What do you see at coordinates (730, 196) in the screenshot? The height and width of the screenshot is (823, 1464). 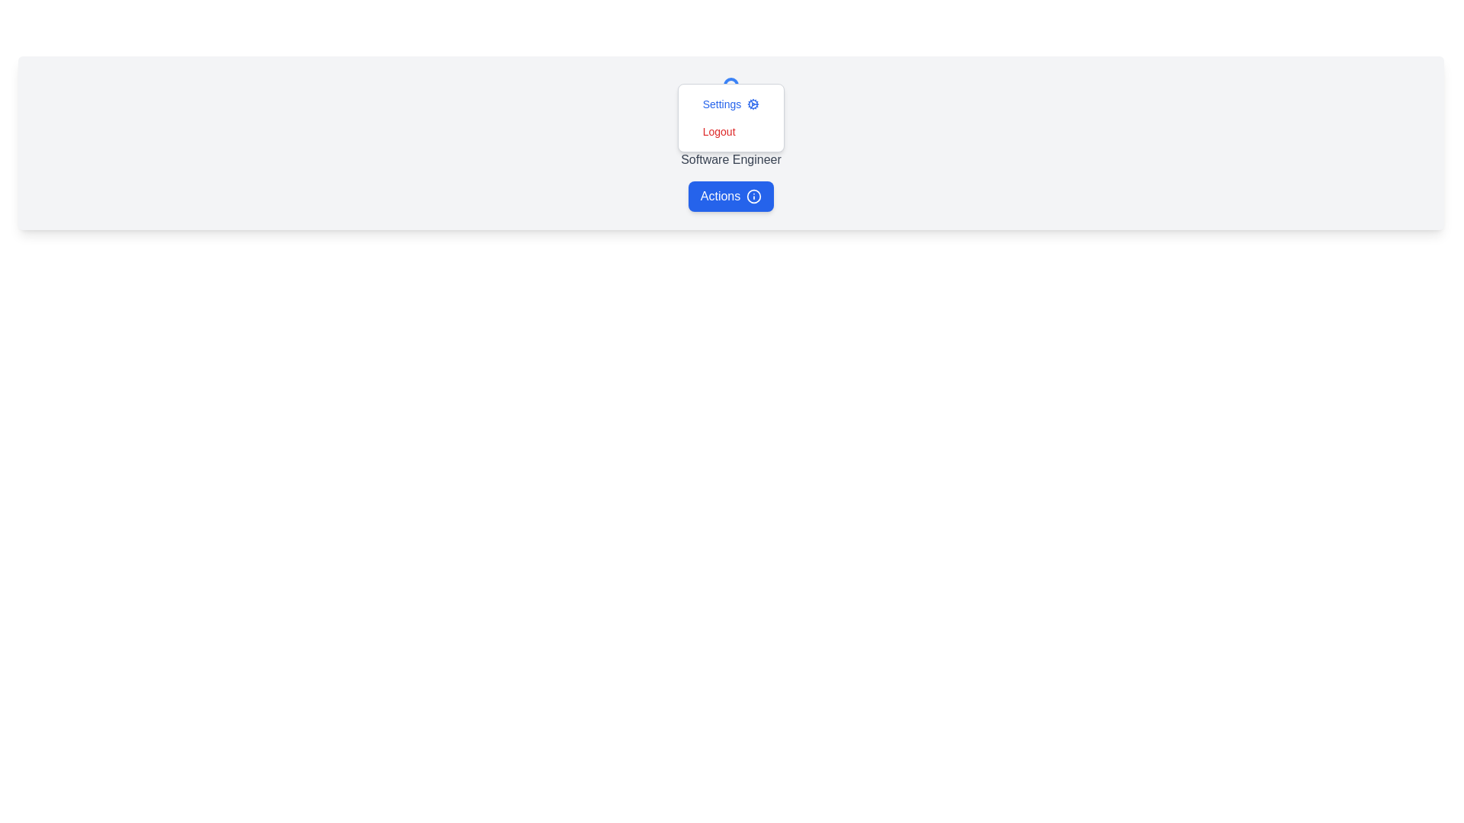 I see `the button located at the bottom of the card layout, below the 'Software Engineer' text` at bounding box center [730, 196].